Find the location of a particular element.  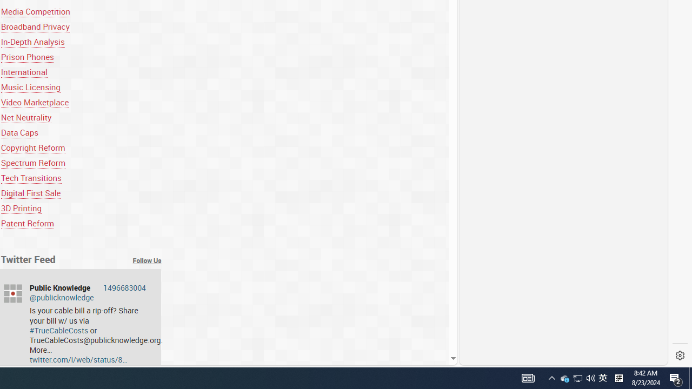

'1496683004' is located at coordinates (125, 287).